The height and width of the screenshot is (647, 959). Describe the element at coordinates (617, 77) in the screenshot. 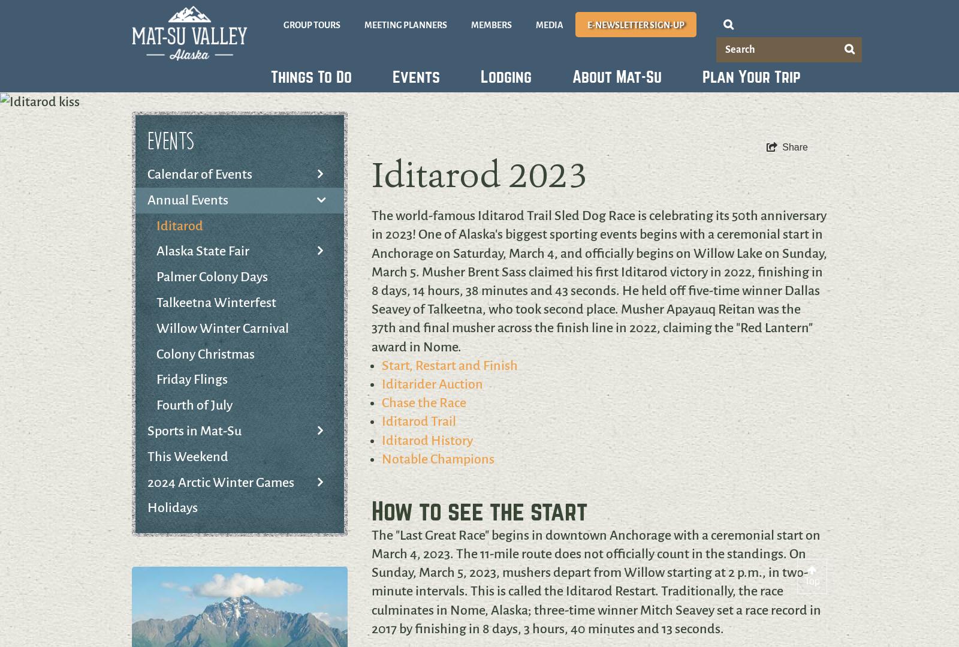

I see `'About Mat-Su'` at that location.